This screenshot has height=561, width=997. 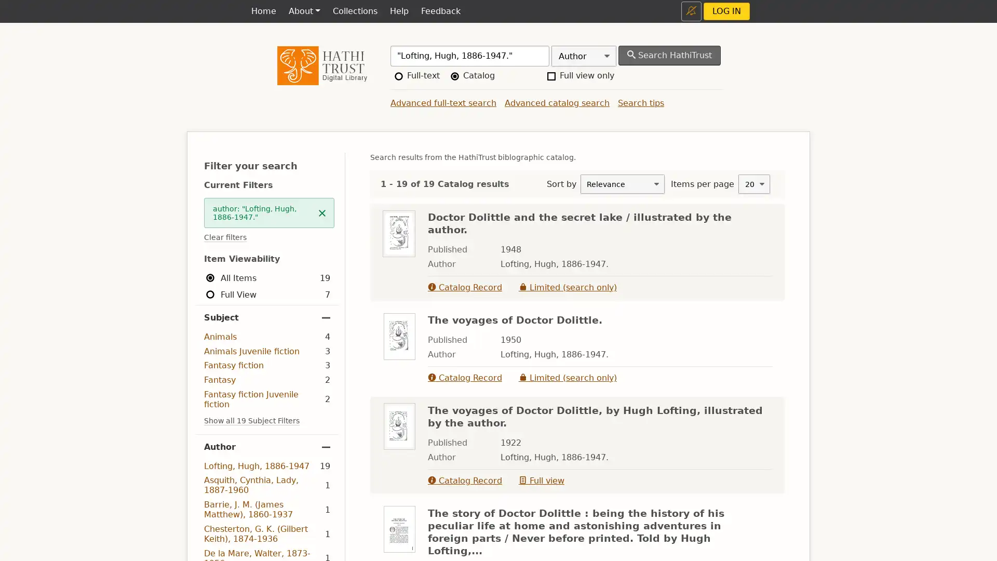 I want to click on Search HathiTrust, so click(x=669, y=56).